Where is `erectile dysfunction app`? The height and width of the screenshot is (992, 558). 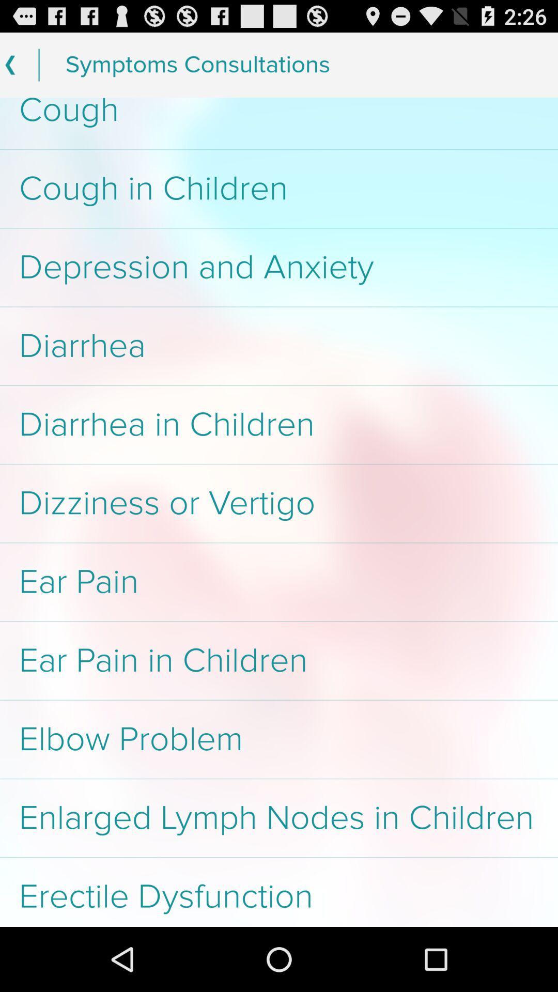 erectile dysfunction app is located at coordinates (279, 892).